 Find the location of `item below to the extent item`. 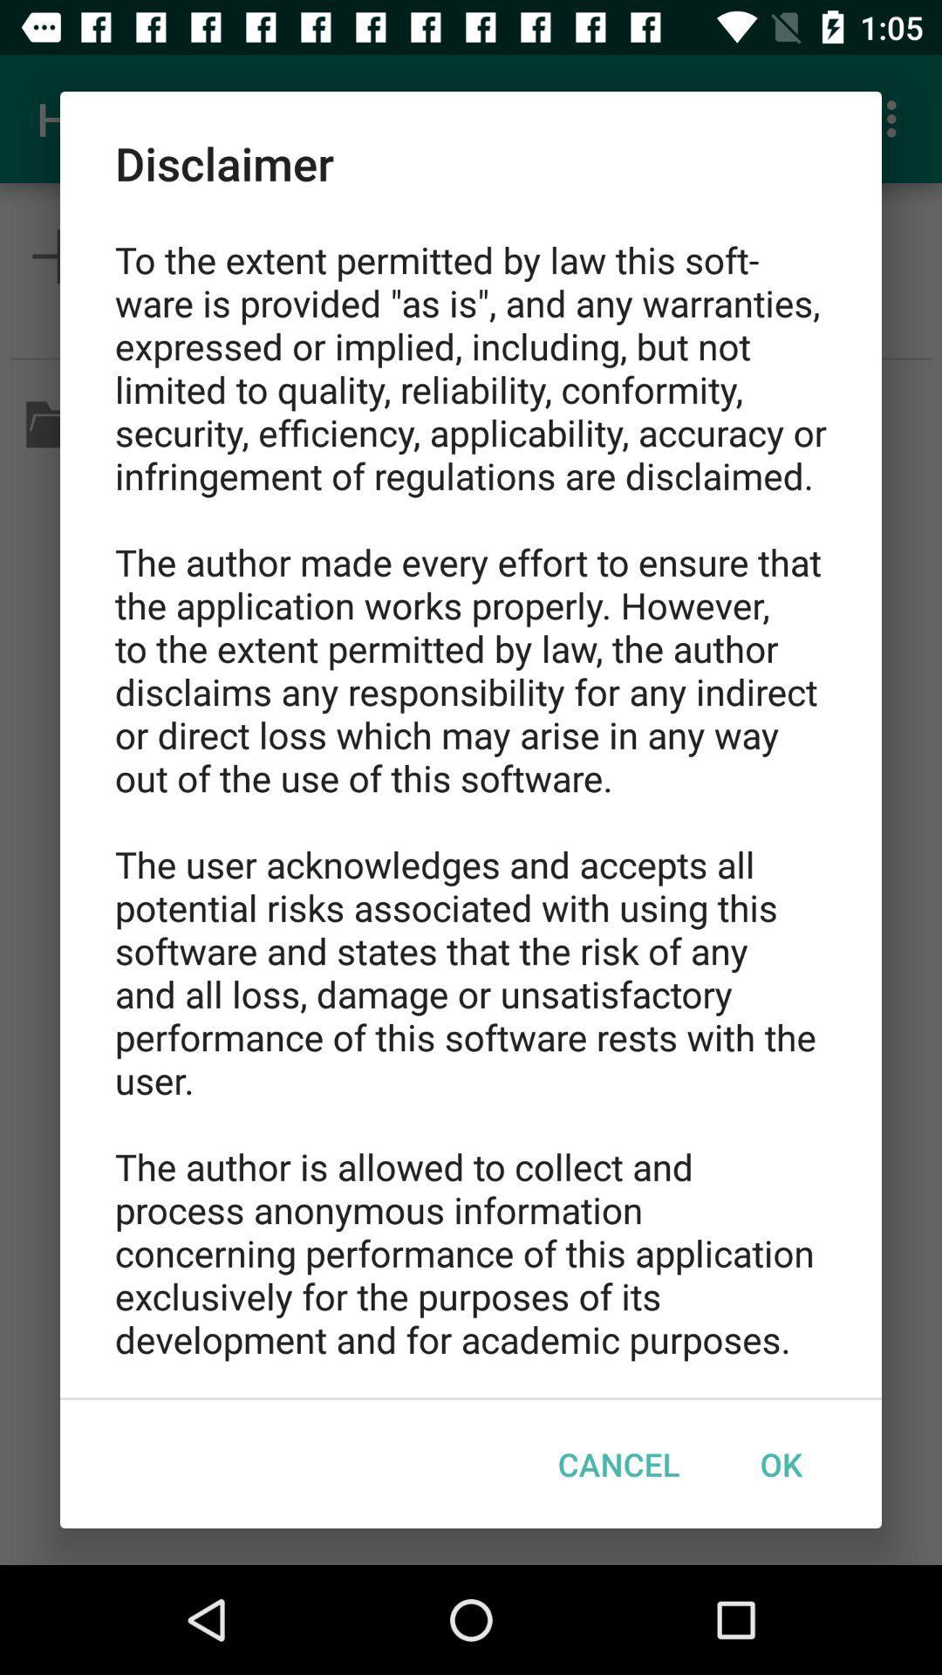

item below to the extent item is located at coordinates (780, 1464).